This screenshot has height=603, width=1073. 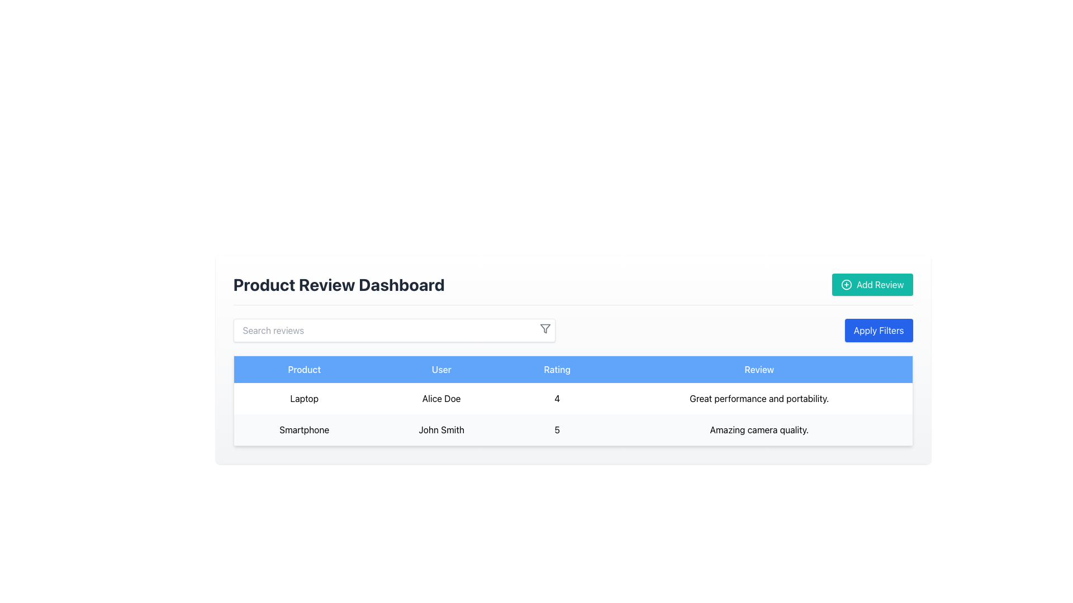 I want to click on the text cell displaying 'John Smith' in the 'User' column of the 'Smartphone' product row, so click(x=441, y=429).